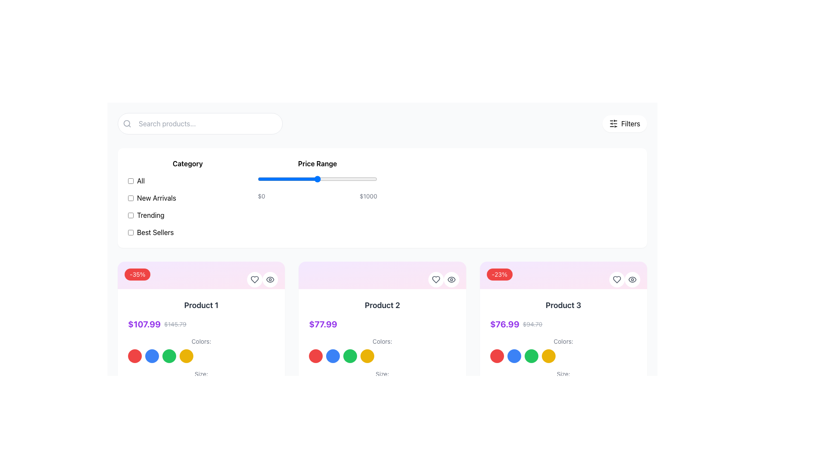 This screenshot has width=825, height=464. What do you see at coordinates (144, 324) in the screenshot?
I see `the bold, purple-colored text label displaying the price '$107.99' in the pricing section of the first product card` at bounding box center [144, 324].